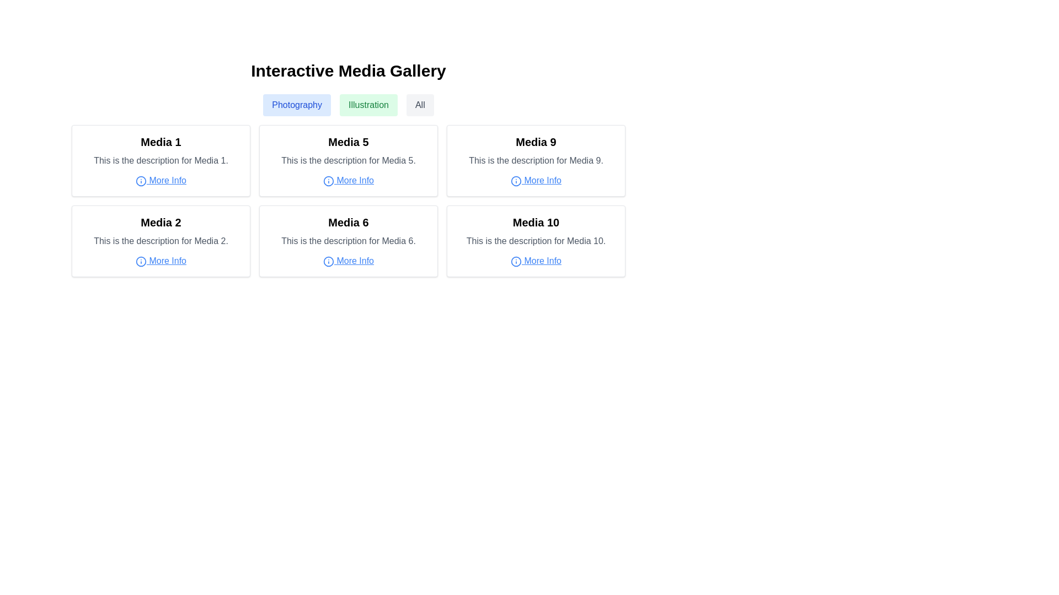  Describe the element at coordinates (516, 180) in the screenshot. I see `the SVG Circle that serves as a decorative border for the 'info' icon in the 'More Info' section below 'Media 9'` at that location.